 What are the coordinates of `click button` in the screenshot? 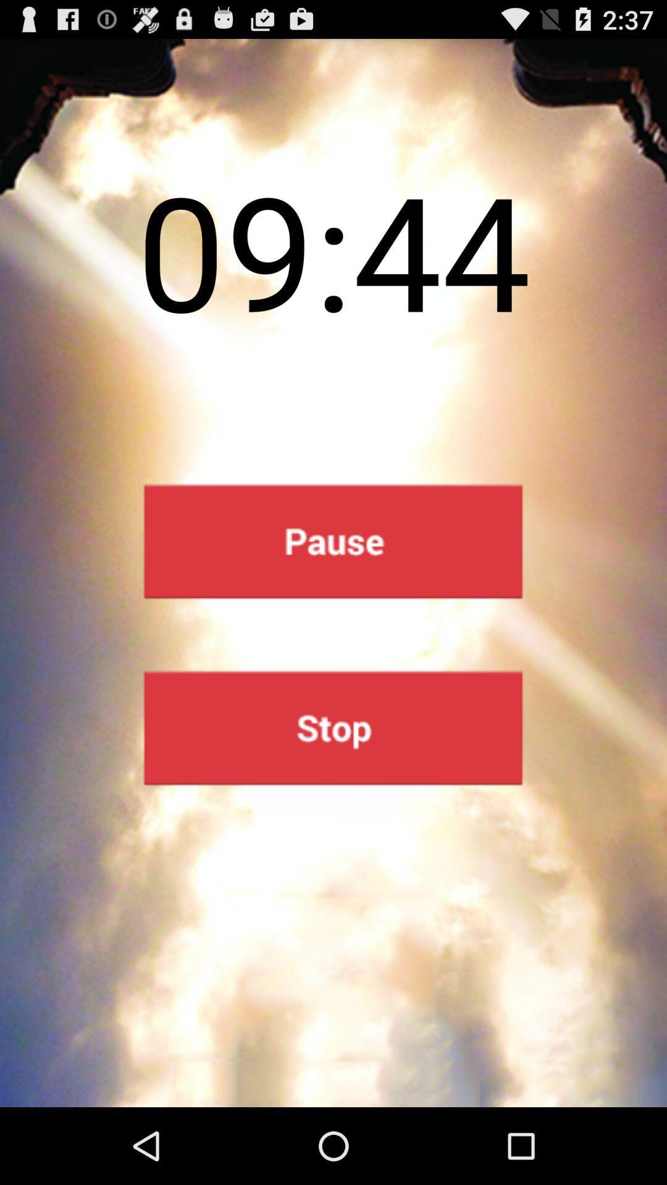 It's located at (332, 728).